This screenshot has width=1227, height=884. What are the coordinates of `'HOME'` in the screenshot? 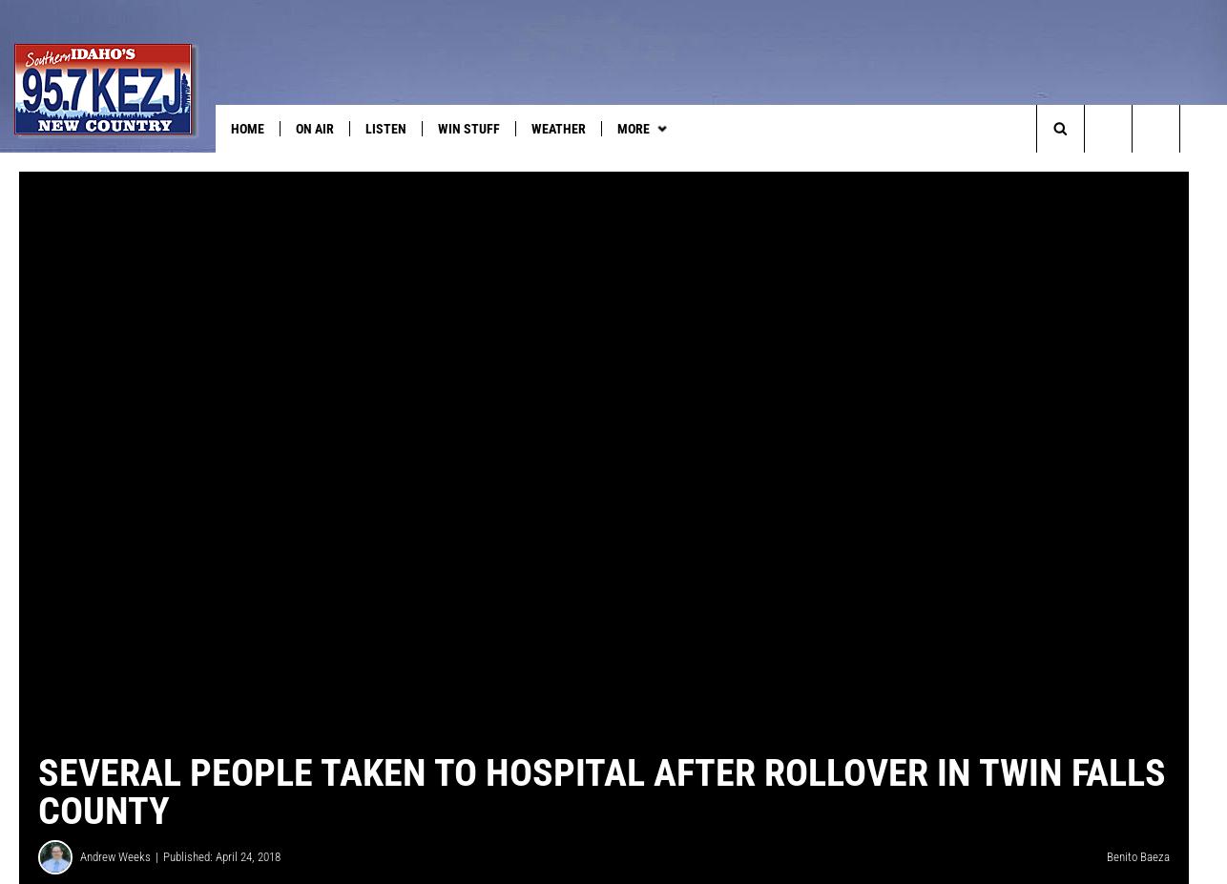 It's located at (247, 127).